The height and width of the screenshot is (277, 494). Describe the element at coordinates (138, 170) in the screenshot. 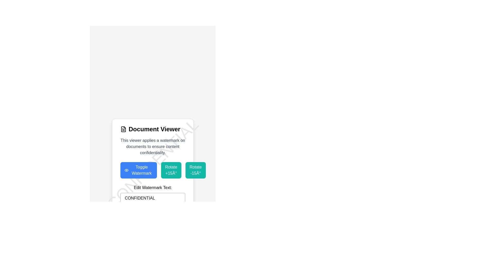

I see `the 'Toggle Watermark' button` at that location.